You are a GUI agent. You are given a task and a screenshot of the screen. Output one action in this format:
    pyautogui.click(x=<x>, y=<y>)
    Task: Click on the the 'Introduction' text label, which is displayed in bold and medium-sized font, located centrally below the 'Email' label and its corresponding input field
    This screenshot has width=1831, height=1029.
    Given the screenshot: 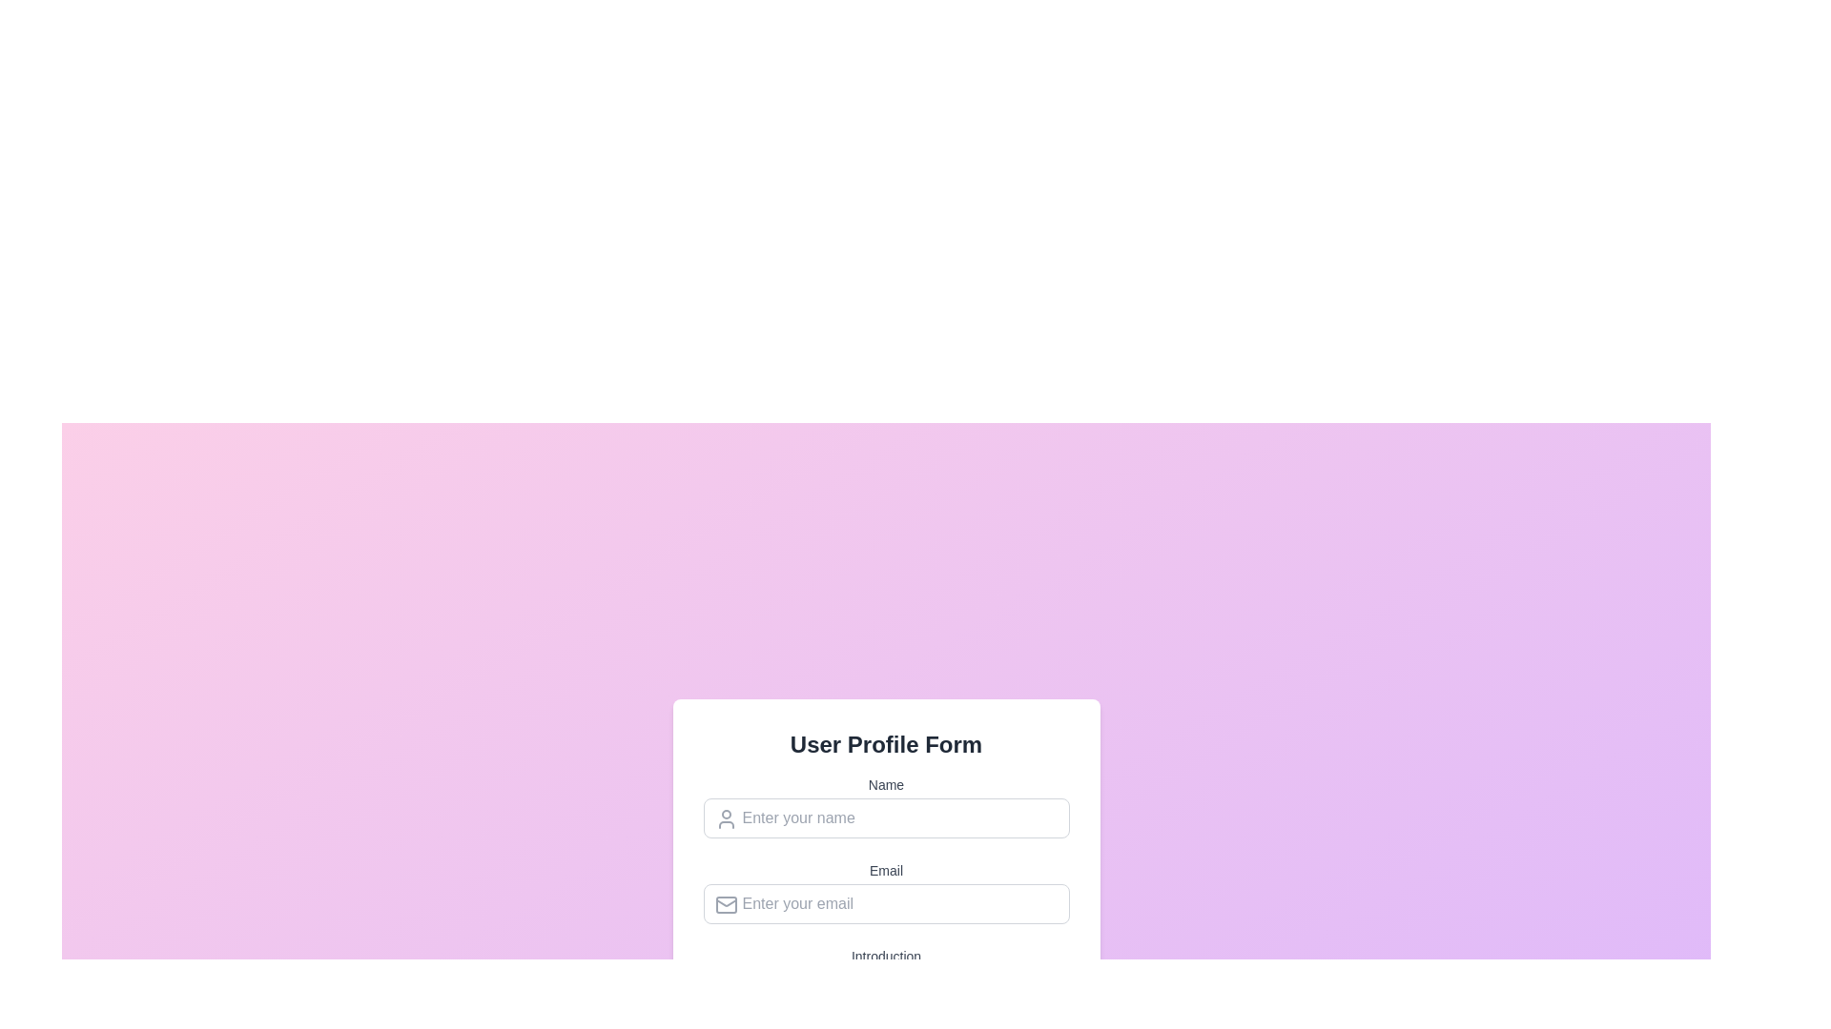 What is the action you would take?
    pyautogui.click(x=885, y=956)
    